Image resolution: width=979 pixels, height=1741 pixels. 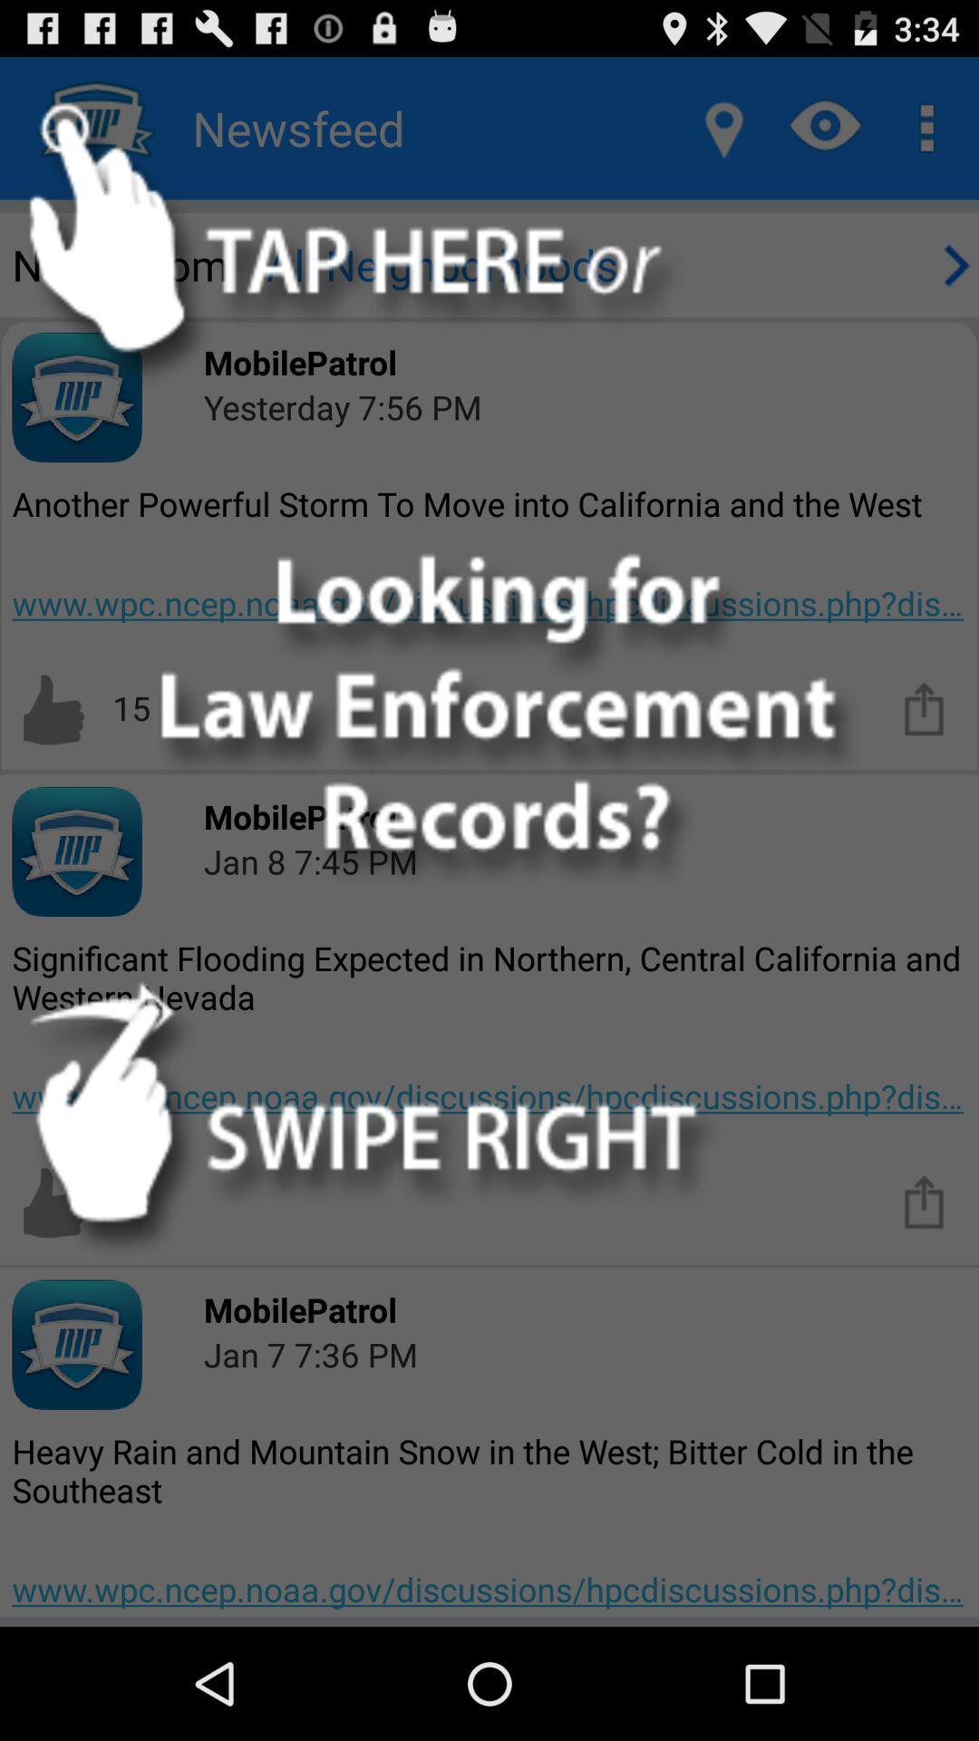 I want to click on download the app option, so click(x=925, y=706).